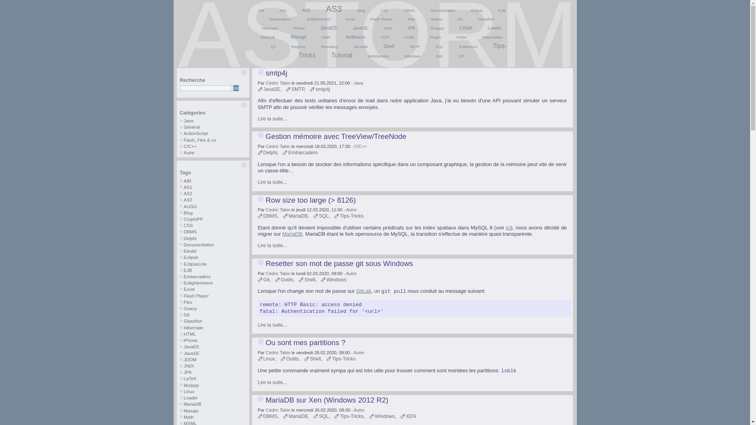 This screenshot has height=425, width=756. What do you see at coordinates (188, 366) in the screenshot?
I see `'JNDI'` at bounding box center [188, 366].